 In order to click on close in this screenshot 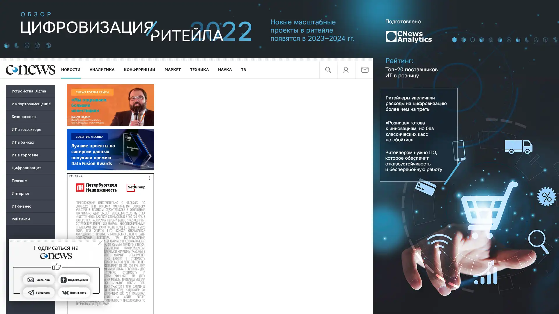, I will do `click(100, 243)`.